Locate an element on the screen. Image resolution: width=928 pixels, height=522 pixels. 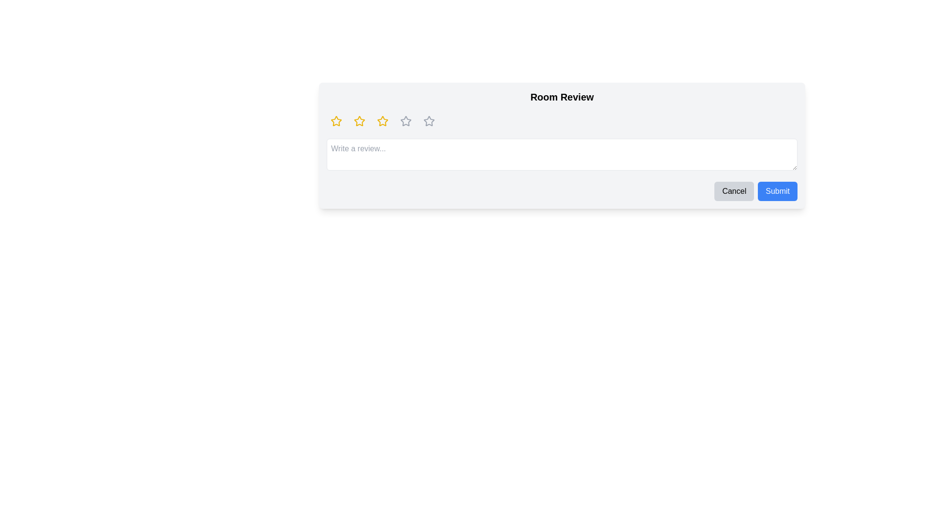
the third hollow star icon with a bright yellow outline is located at coordinates (382, 120).